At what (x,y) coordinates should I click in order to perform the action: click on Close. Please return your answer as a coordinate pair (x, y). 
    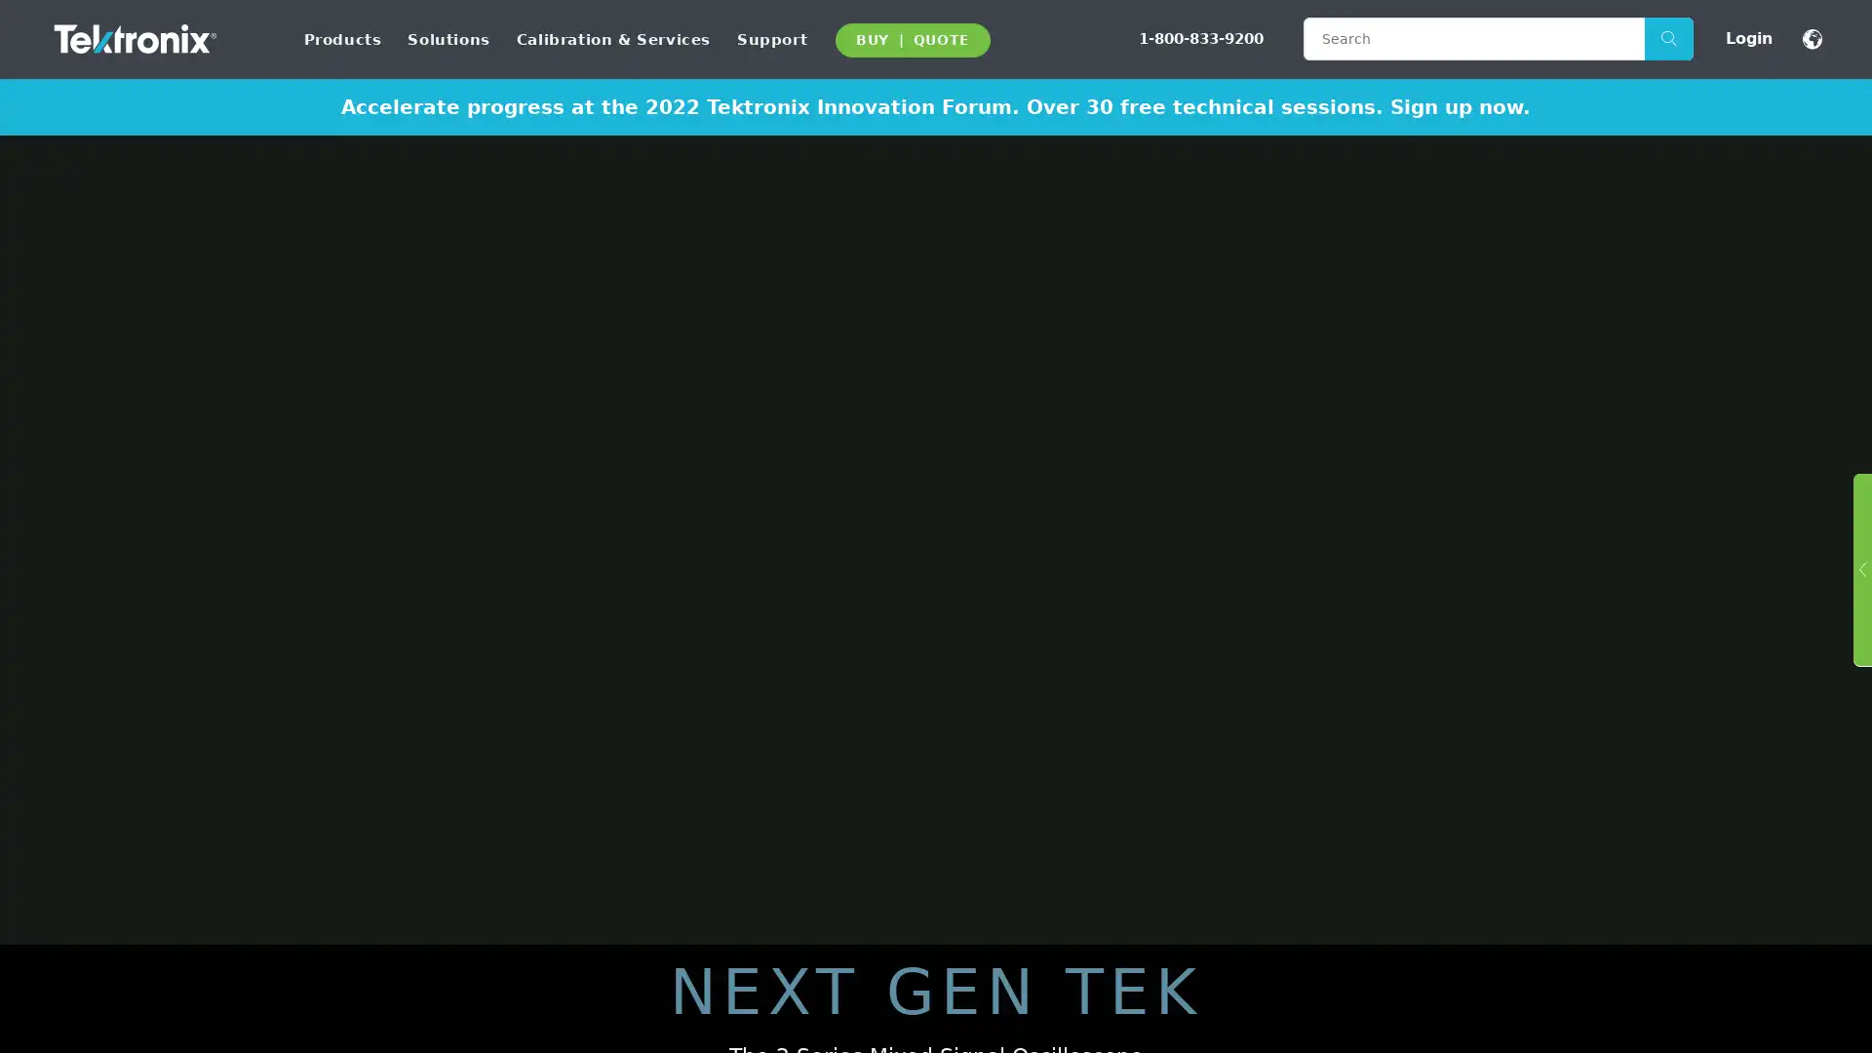
    Looking at the image, I should click on (1839, 1009).